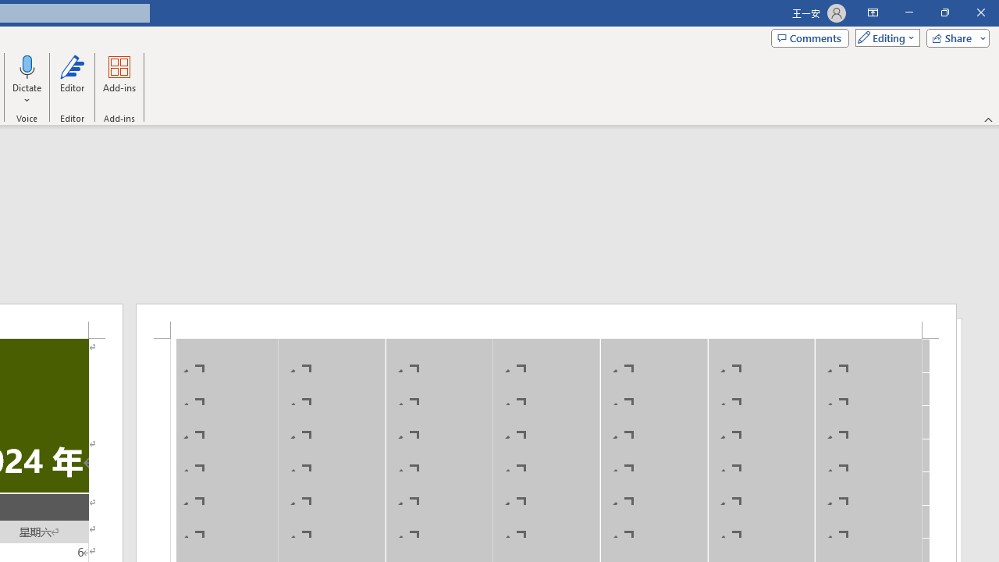 The height and width of the screenshot is (562, 999). What do you see at coordinates (884, 37) in the screenshot?
I see `'Mode'` at bounding box center [884, 37].